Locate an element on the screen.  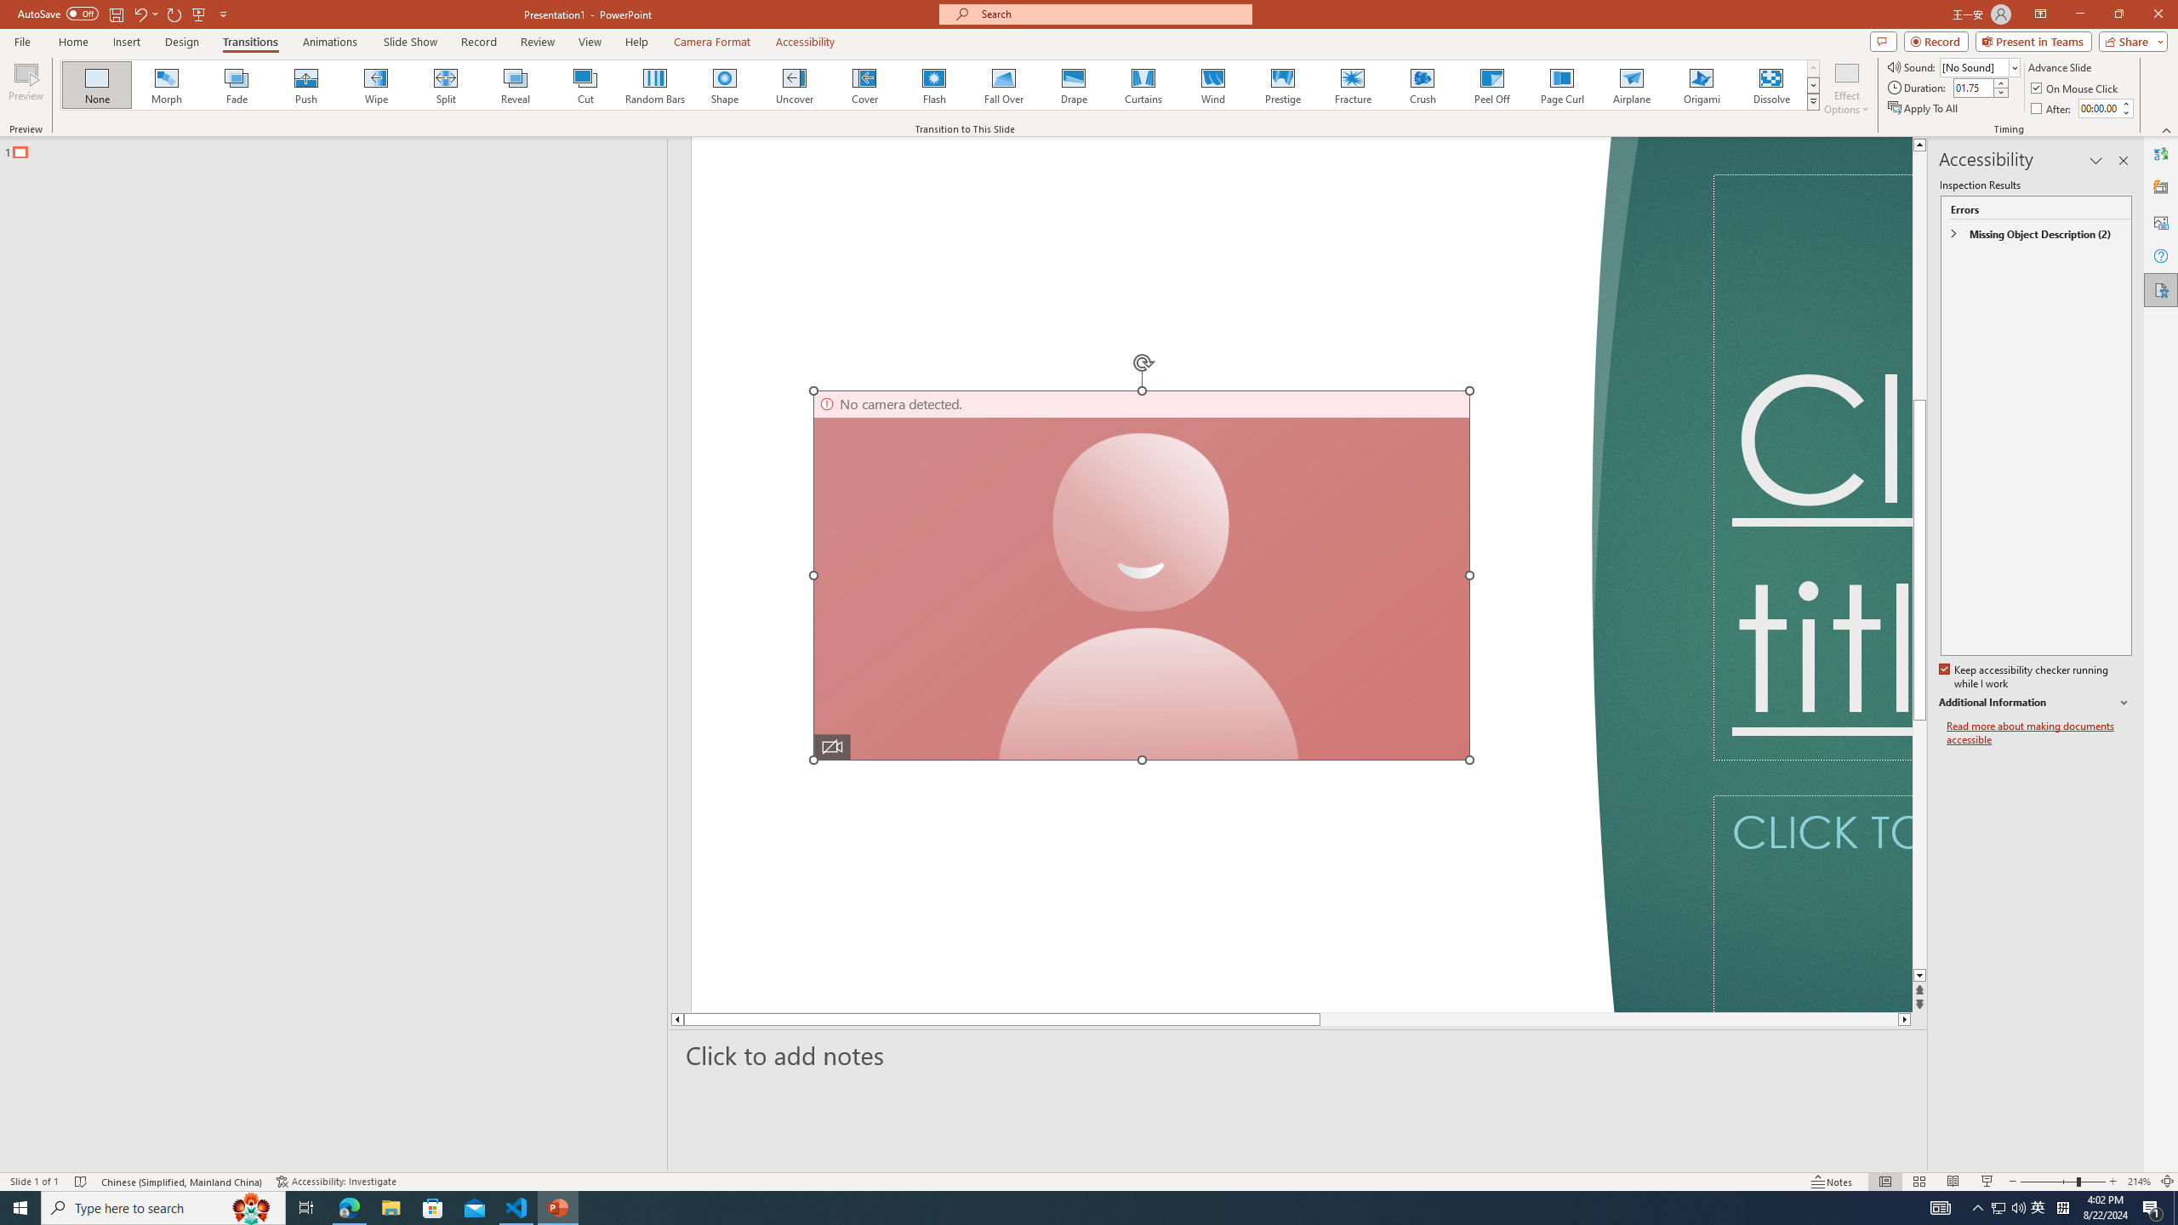
'Preview' is located at coordinates (25, 88).